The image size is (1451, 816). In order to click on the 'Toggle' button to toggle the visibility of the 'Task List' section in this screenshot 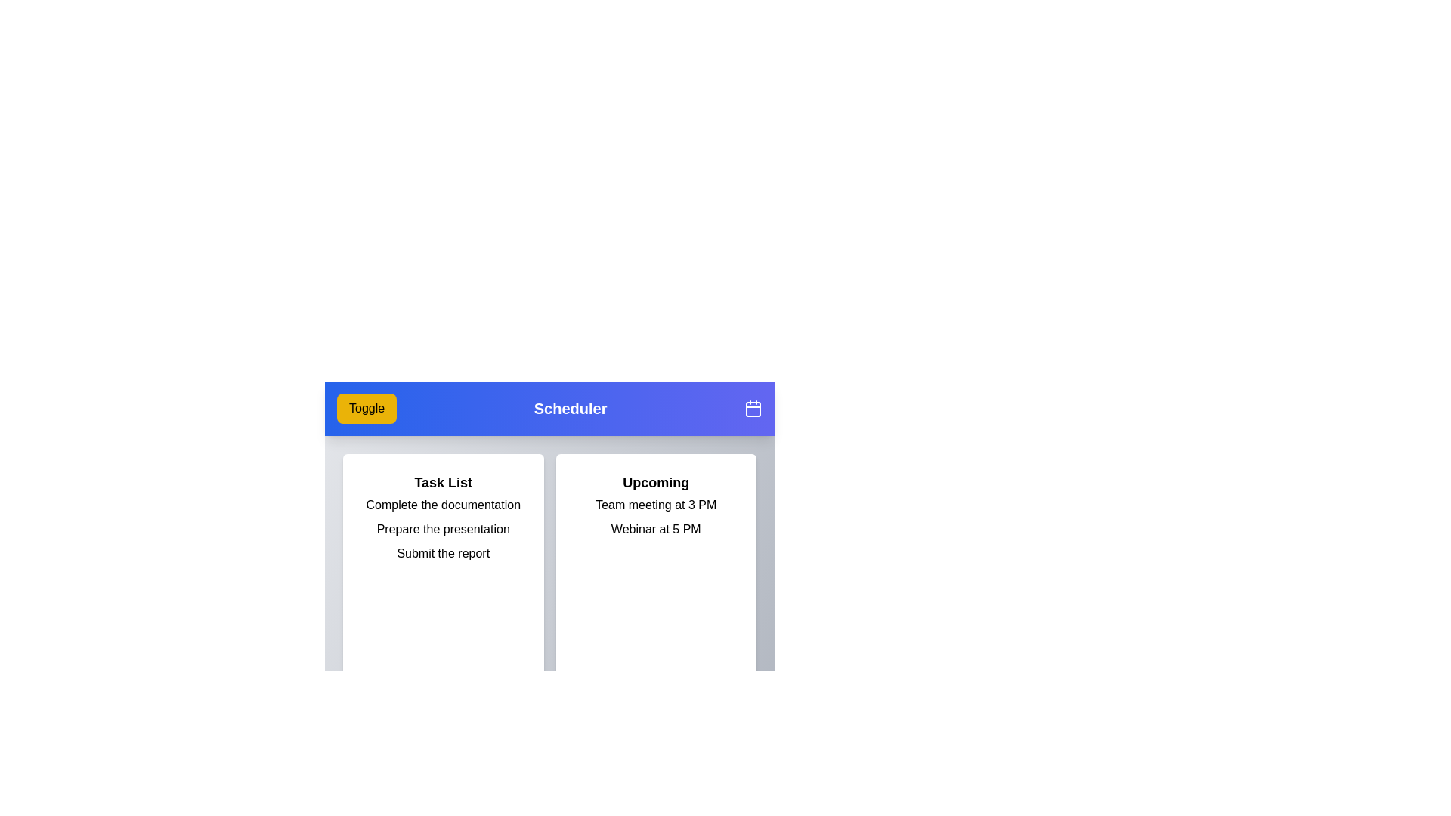, I will do `click(366, 408)`.